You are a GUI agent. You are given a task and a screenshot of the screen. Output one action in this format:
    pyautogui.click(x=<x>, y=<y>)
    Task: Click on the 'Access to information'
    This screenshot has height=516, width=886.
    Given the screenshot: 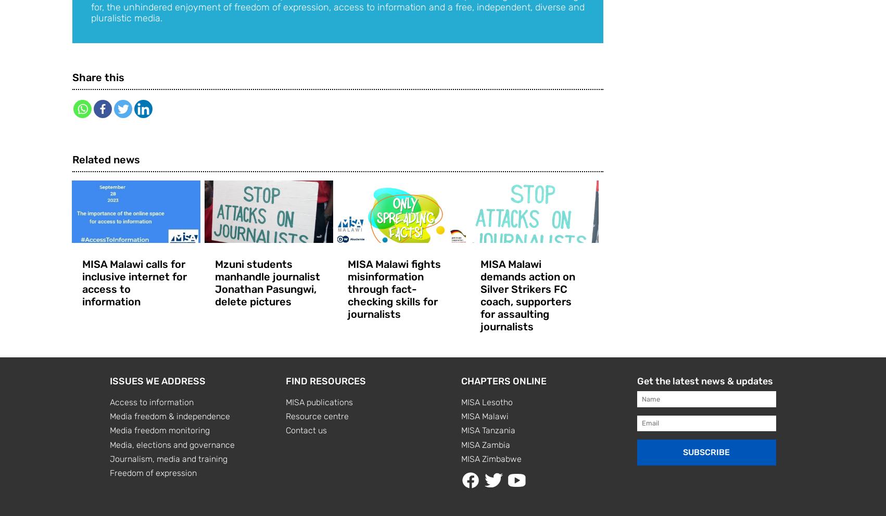 What is the action you would take?
    pyautogui.click(x=151, y=401)
    